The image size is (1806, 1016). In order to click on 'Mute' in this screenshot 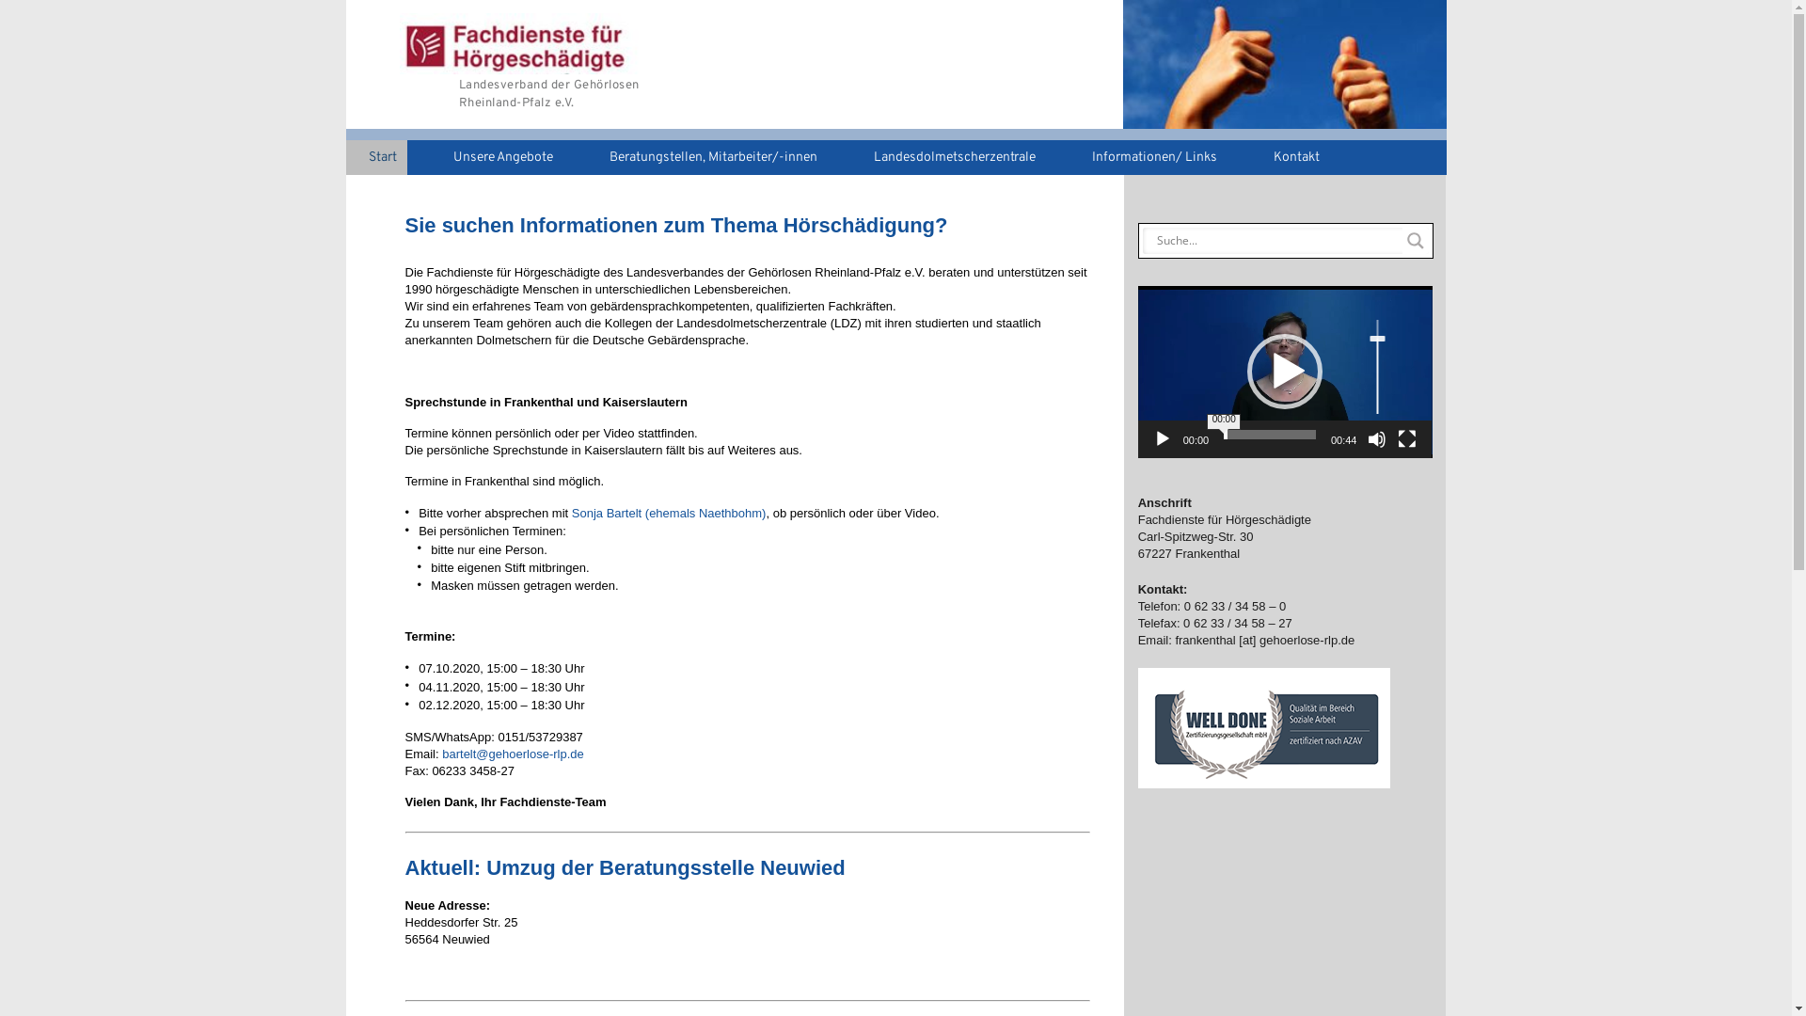, I will do `click(1377, 438)`.